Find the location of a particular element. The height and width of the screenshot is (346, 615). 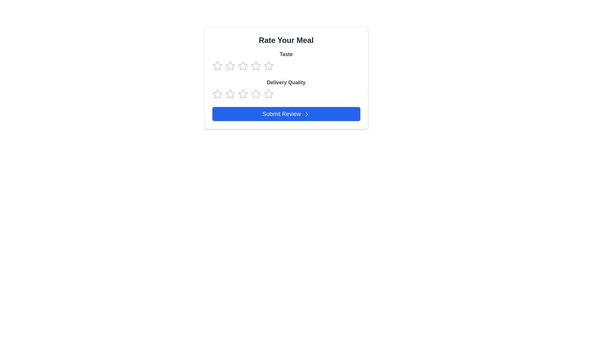

the 'Taste' label located below the 'Rate Your Meal' title and above the star icons for rating is located at coordinates (286, 54).